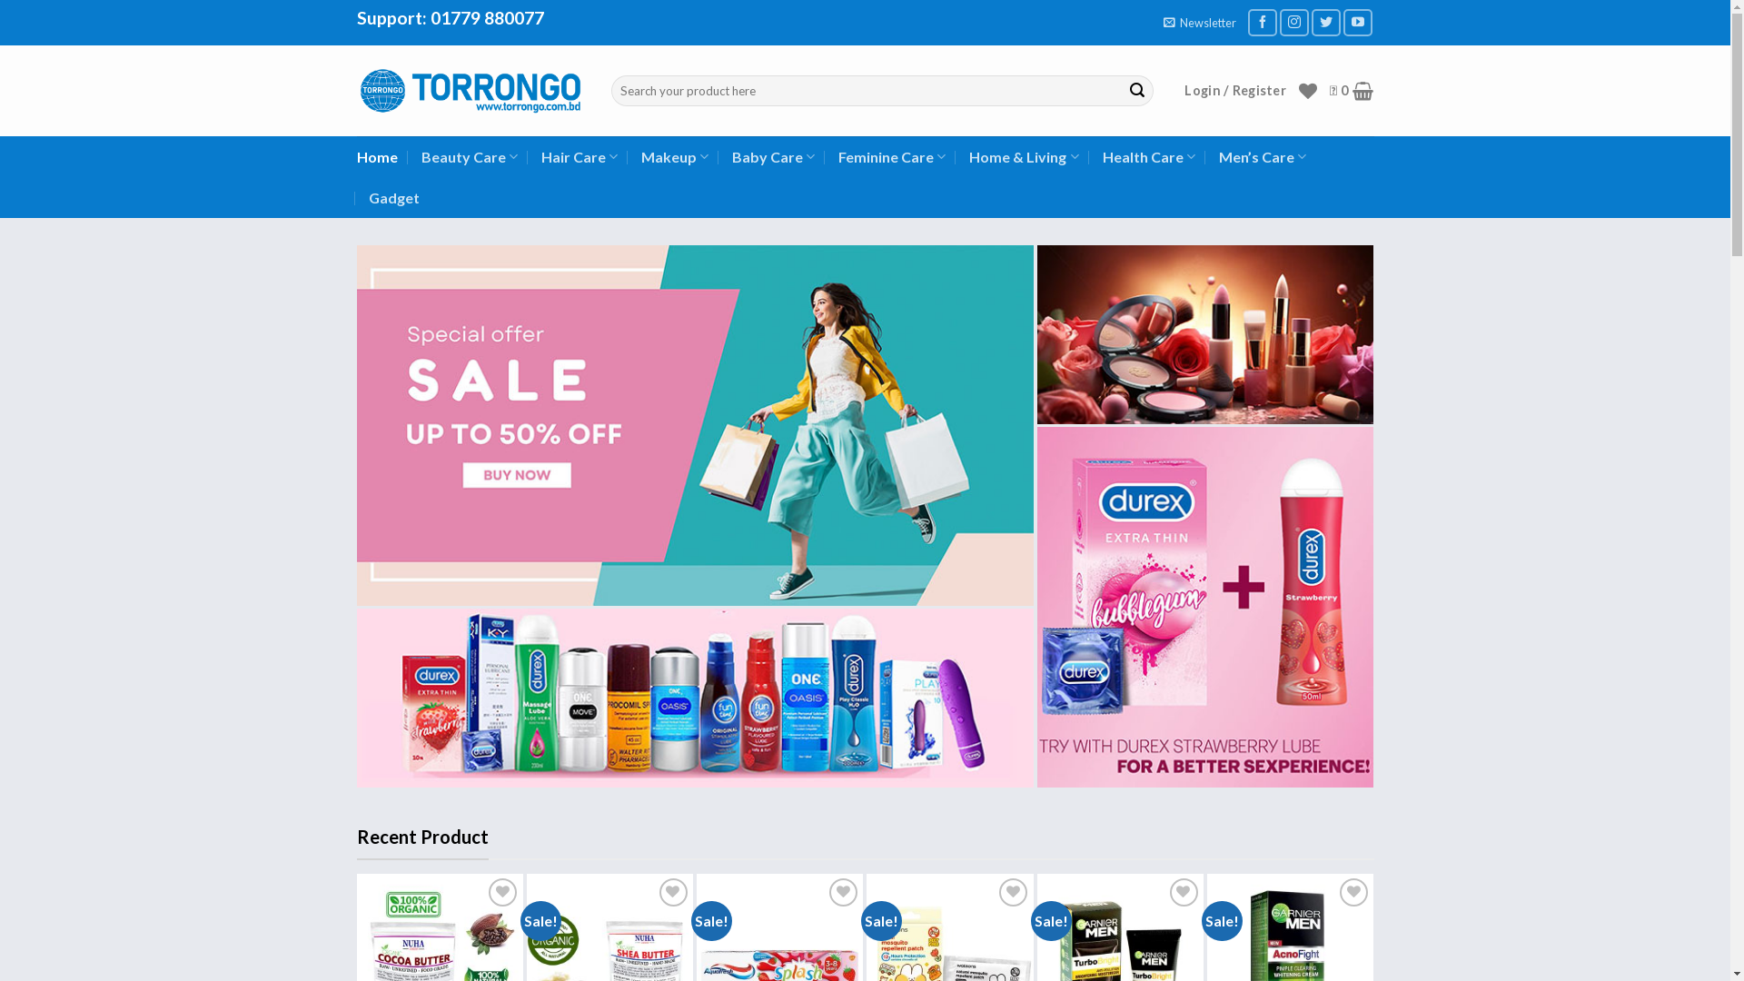  I want to click on 'Follow on Twitter', so click(1325, 22).